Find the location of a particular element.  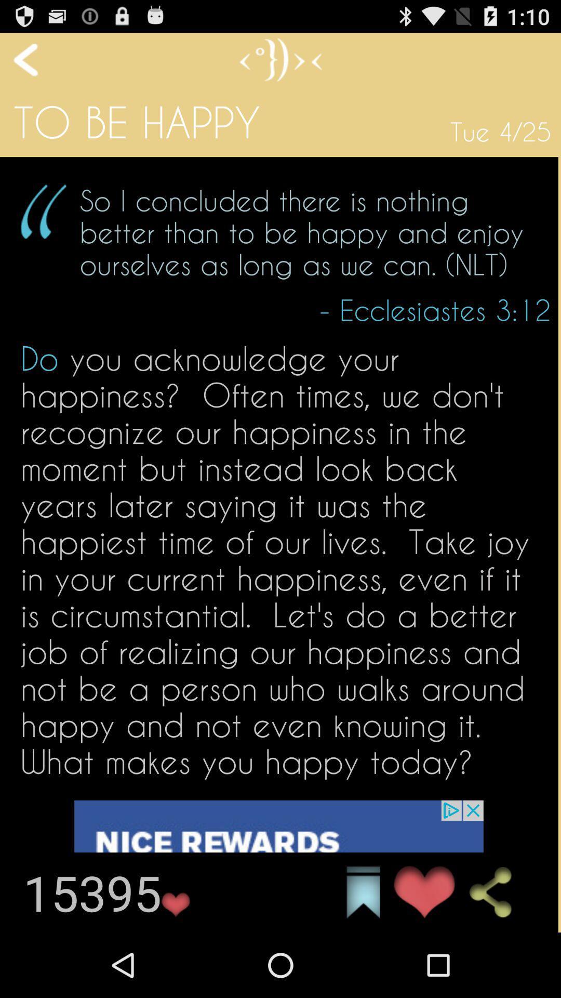

click favorite icon is located at coordinates (424, 892).